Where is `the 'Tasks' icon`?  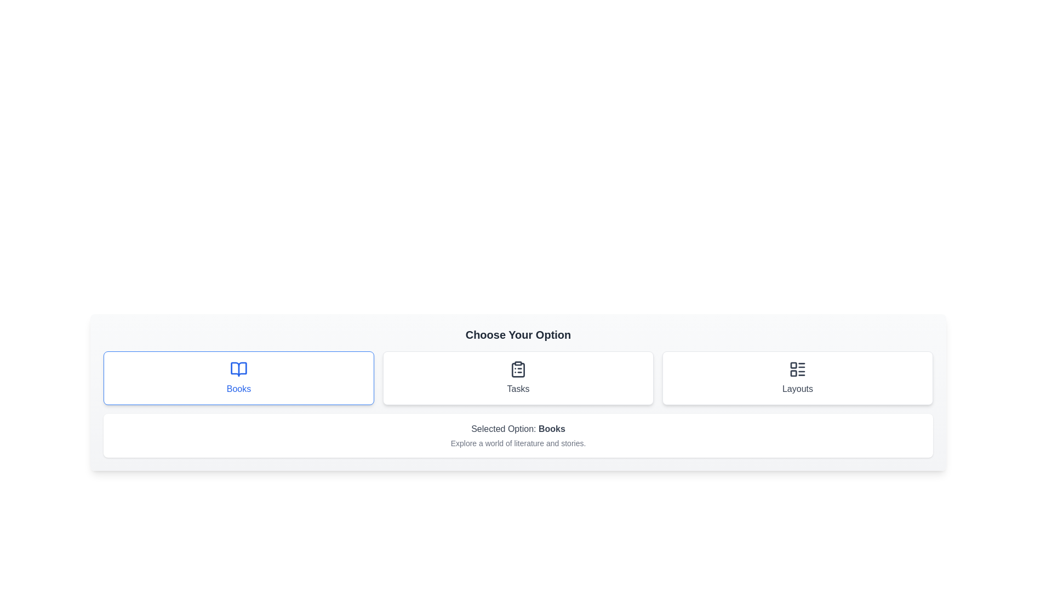
the 'Tasks' icon is located at coordinates (517, 369).